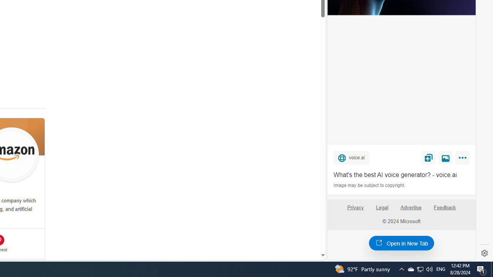  What do you see at coordinates (382, 207) in the screenshot?
I see `'Legal'` at bounding box center [382, 207].